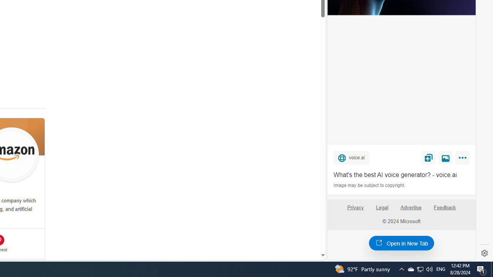  What do you see at coordinates (382, 207) in the screenshot?
I see `'Legal'` at bounding box center [382, 207].